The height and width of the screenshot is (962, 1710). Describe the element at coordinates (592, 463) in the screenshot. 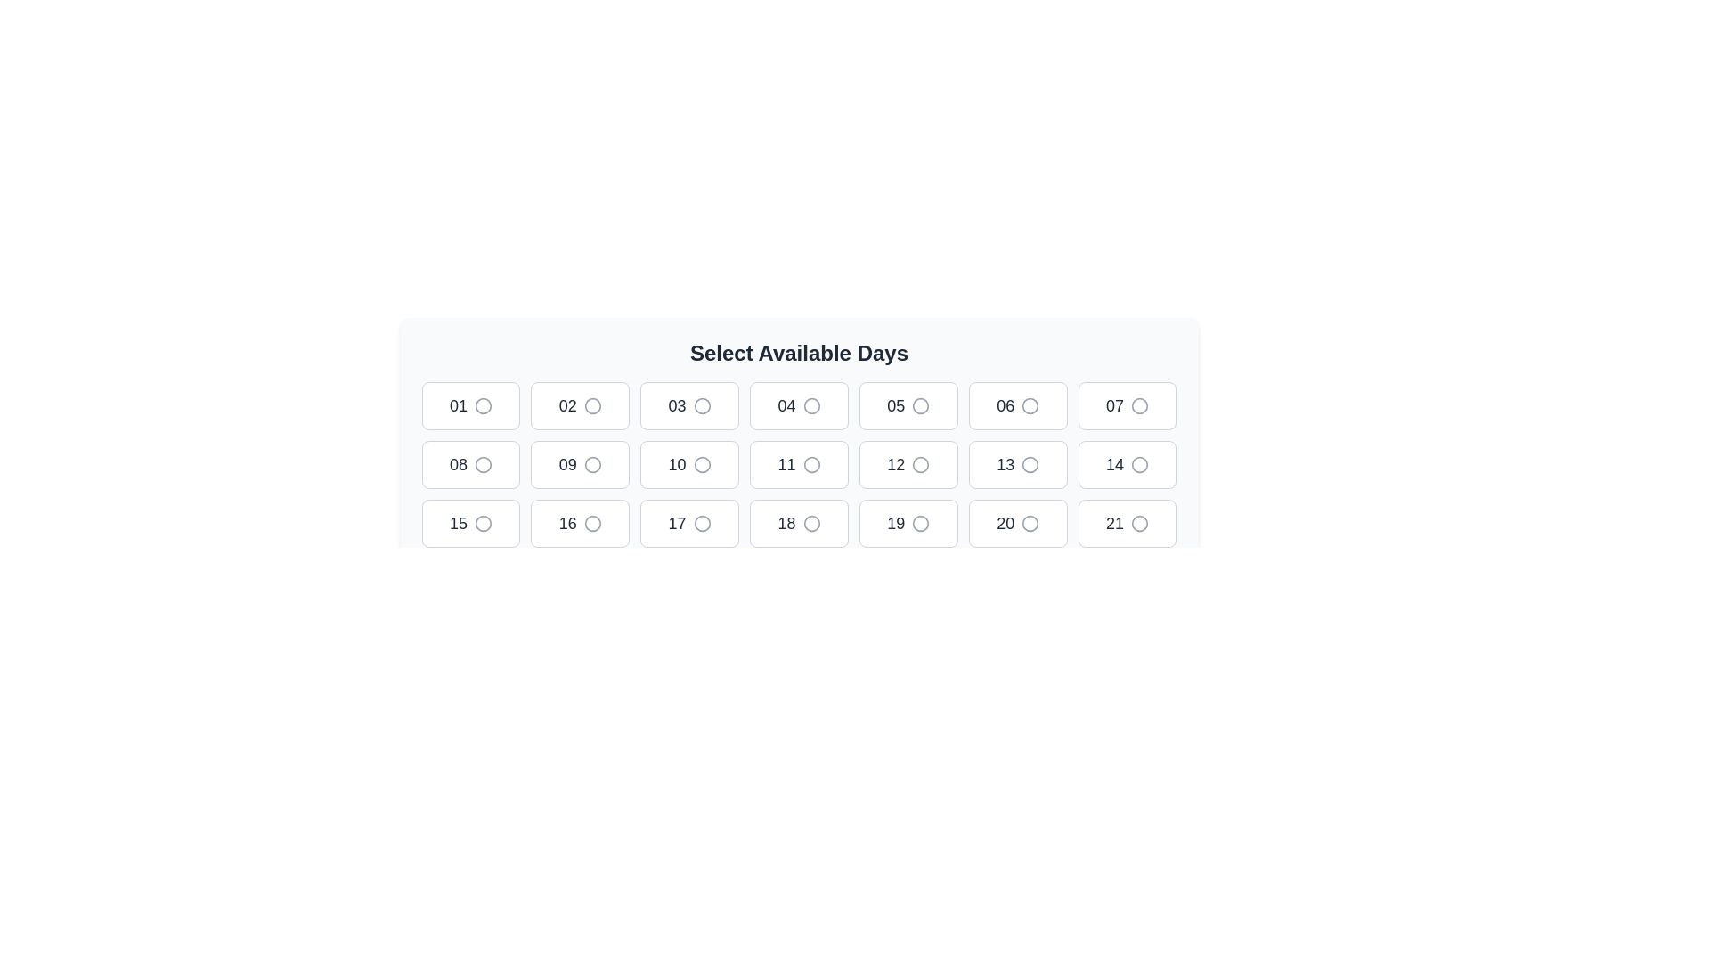

I see `the radio button associated with the number '09', which is a circular selection indicator with a gray border in the middle row of a grid layout` at that location.